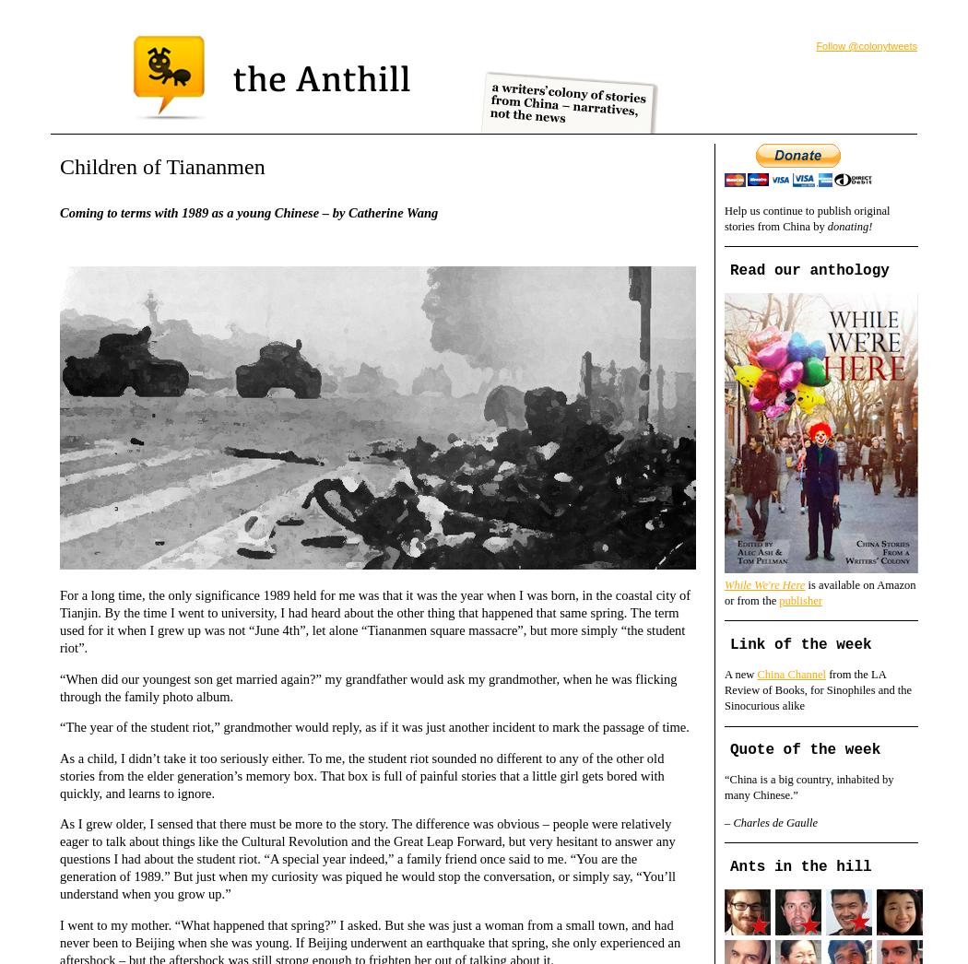 The width and height of the screenshot is (968, 964). Describe the element at coordinates (739, 674) in the screenshot. I see `'A new'` at that location.